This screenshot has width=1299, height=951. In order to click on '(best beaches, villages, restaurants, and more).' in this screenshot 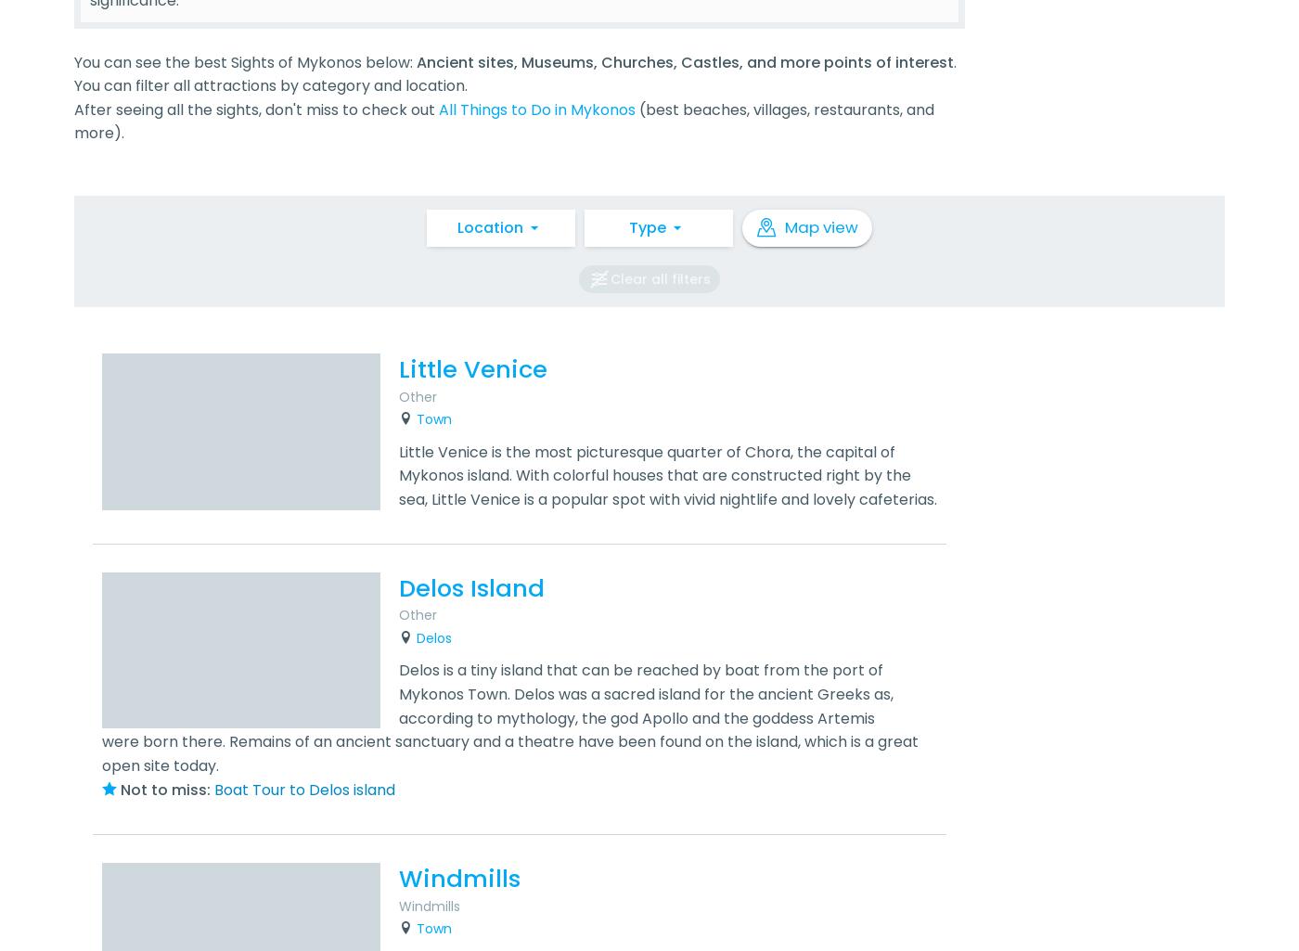, I will do `click(504, 121)`.